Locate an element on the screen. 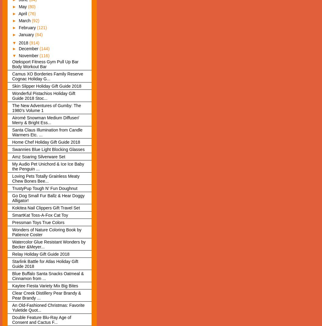 The width and height of the screenshot is (322, 326). 'April' is located at coordinates (23, 13).